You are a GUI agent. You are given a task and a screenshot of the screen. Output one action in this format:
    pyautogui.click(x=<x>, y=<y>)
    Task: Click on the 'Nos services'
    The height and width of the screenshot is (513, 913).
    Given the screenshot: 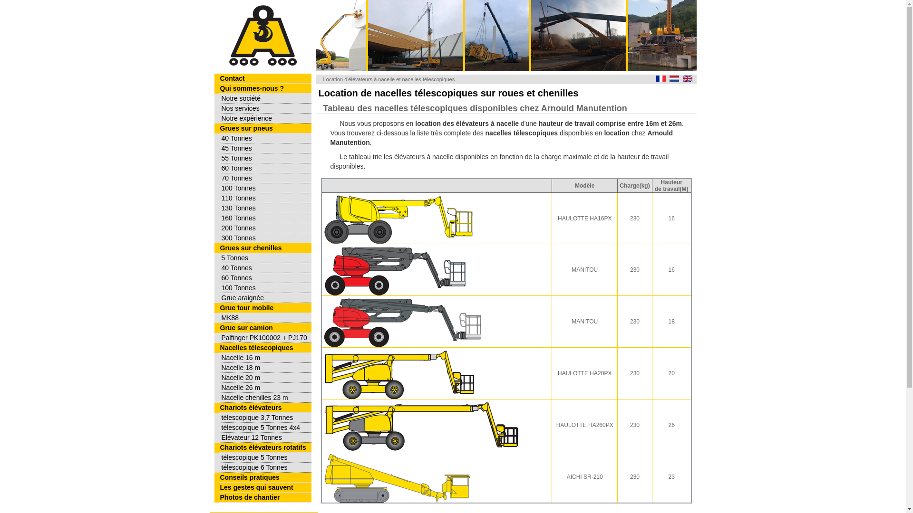 What is the action you would take?
    pyautogui.click(x=220, y=108)
    